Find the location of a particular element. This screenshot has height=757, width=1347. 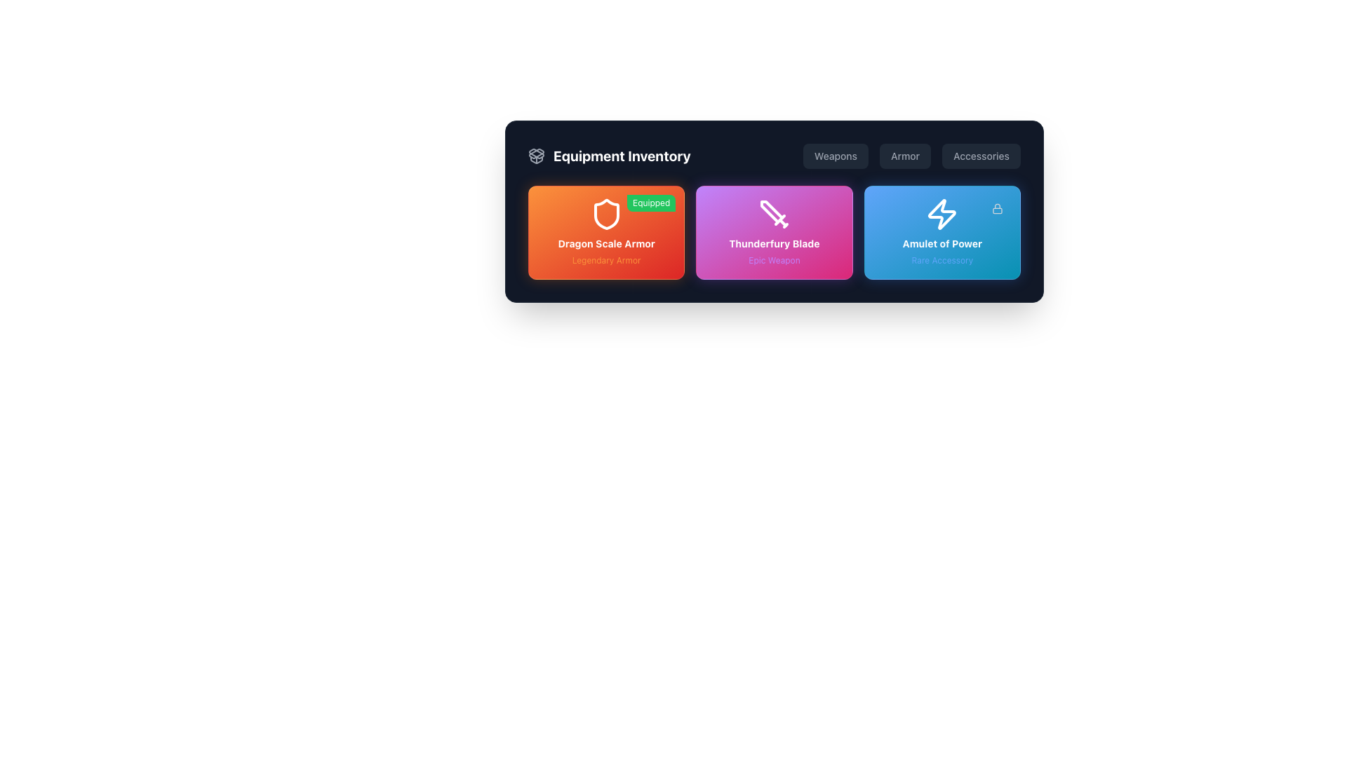

the second button labeled 'Armor' in the horizontal group of buttons for navigating to the 'Armor' section of the inventory is located at coordinates (911, 156).